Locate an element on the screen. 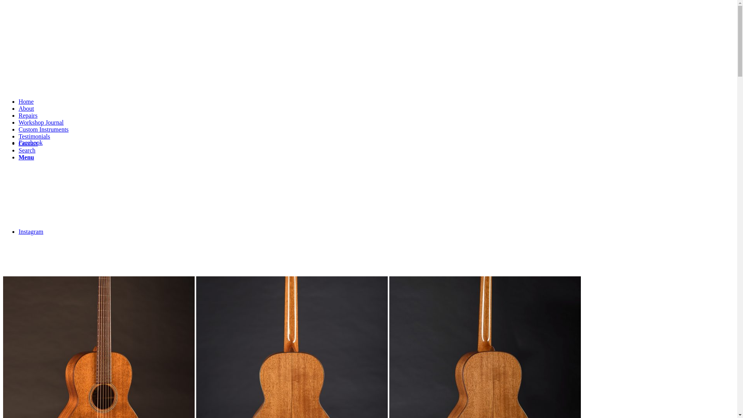 The width and height of the screenshot is (743, 418). 'Custom Instruments' is located at coordinates (19, 129).